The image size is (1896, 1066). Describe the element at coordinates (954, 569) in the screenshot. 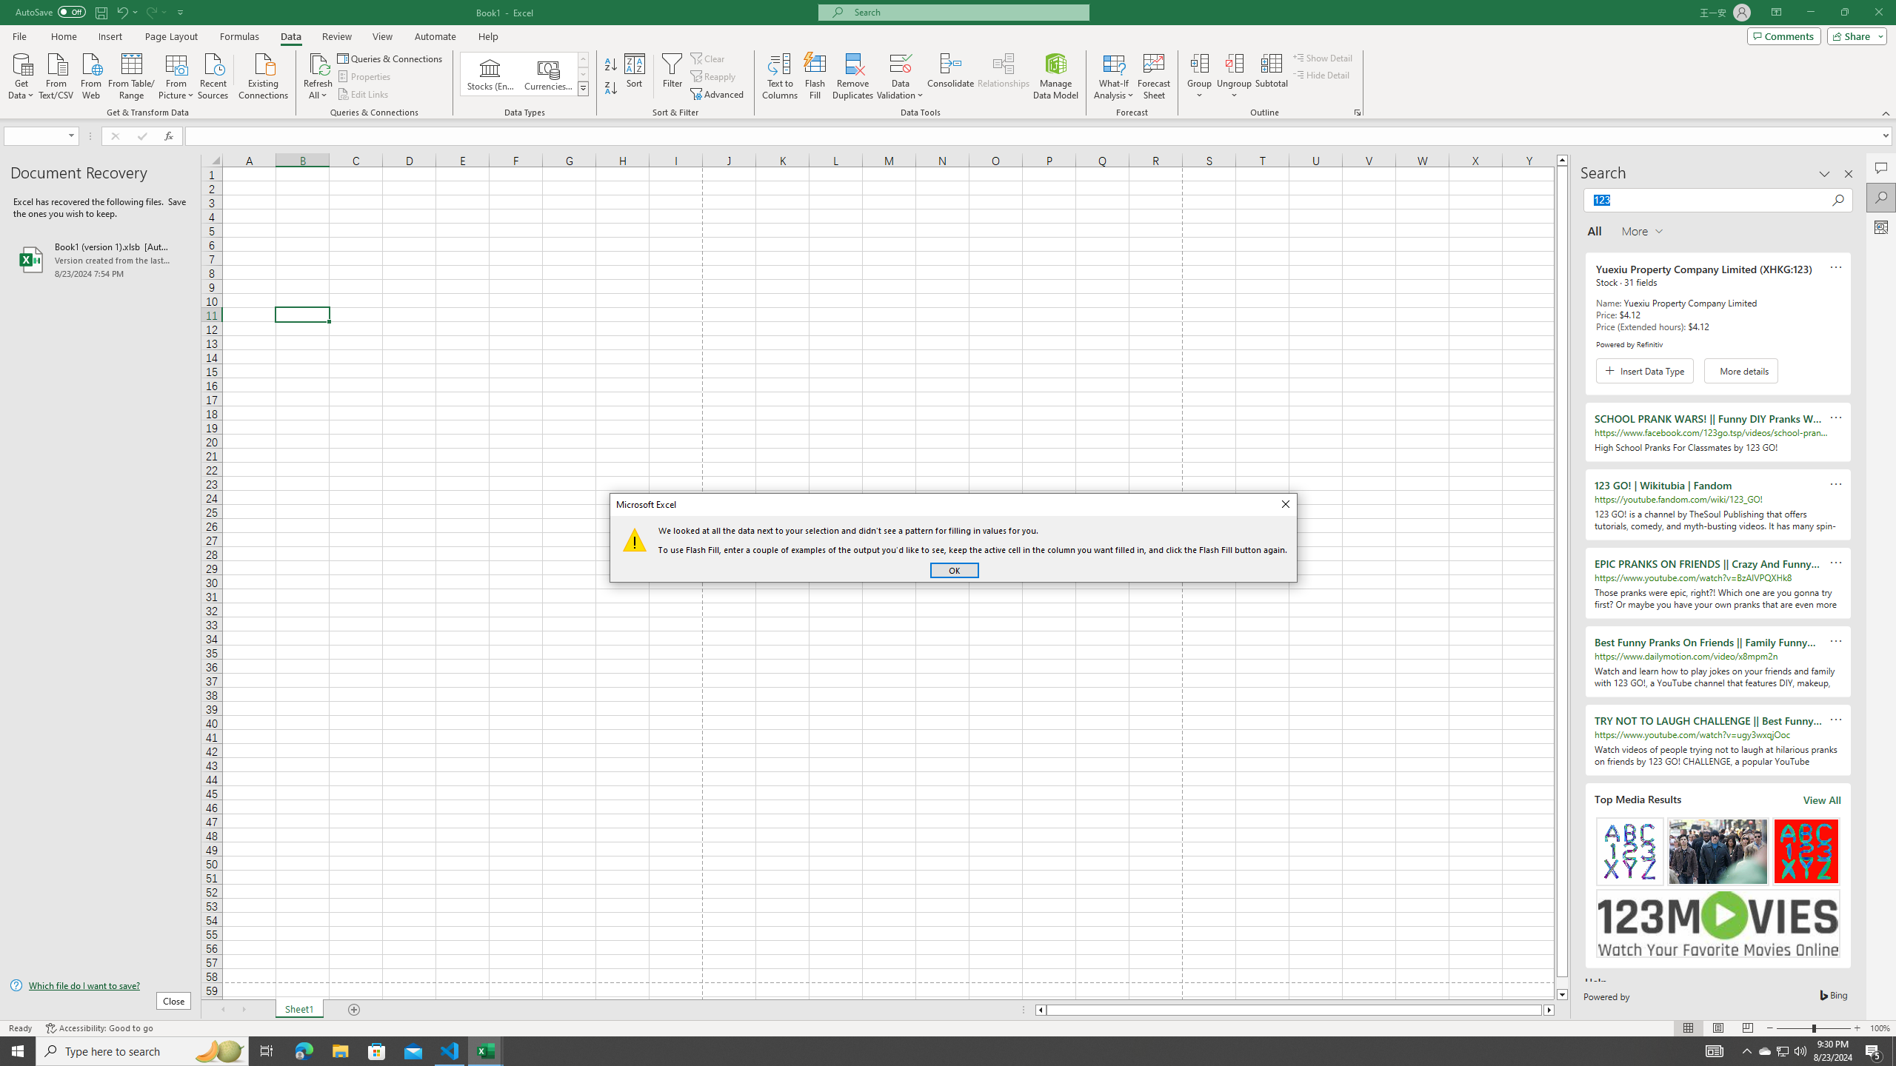

I see `'OK'` at that location.